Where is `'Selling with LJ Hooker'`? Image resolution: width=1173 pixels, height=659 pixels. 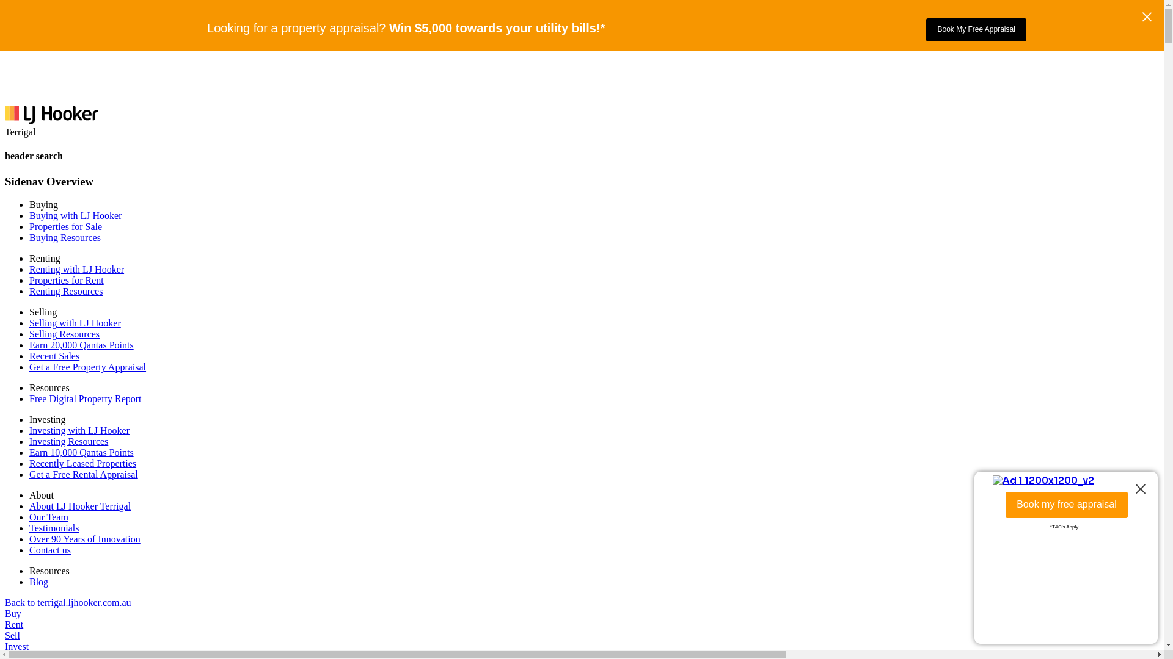 'Selling with LJ Hooker' is located at coordinates (75, 322).